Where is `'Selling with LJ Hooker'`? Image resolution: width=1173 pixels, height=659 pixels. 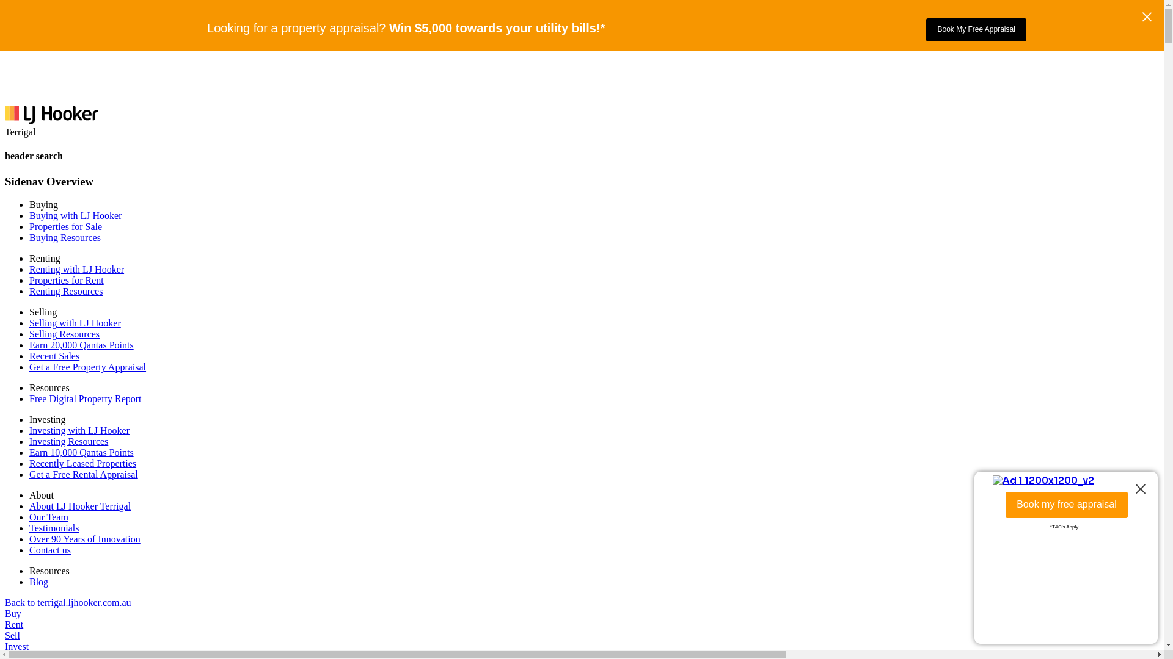 'Selling with LJ Hooker' is located at coordinates (75, 322).